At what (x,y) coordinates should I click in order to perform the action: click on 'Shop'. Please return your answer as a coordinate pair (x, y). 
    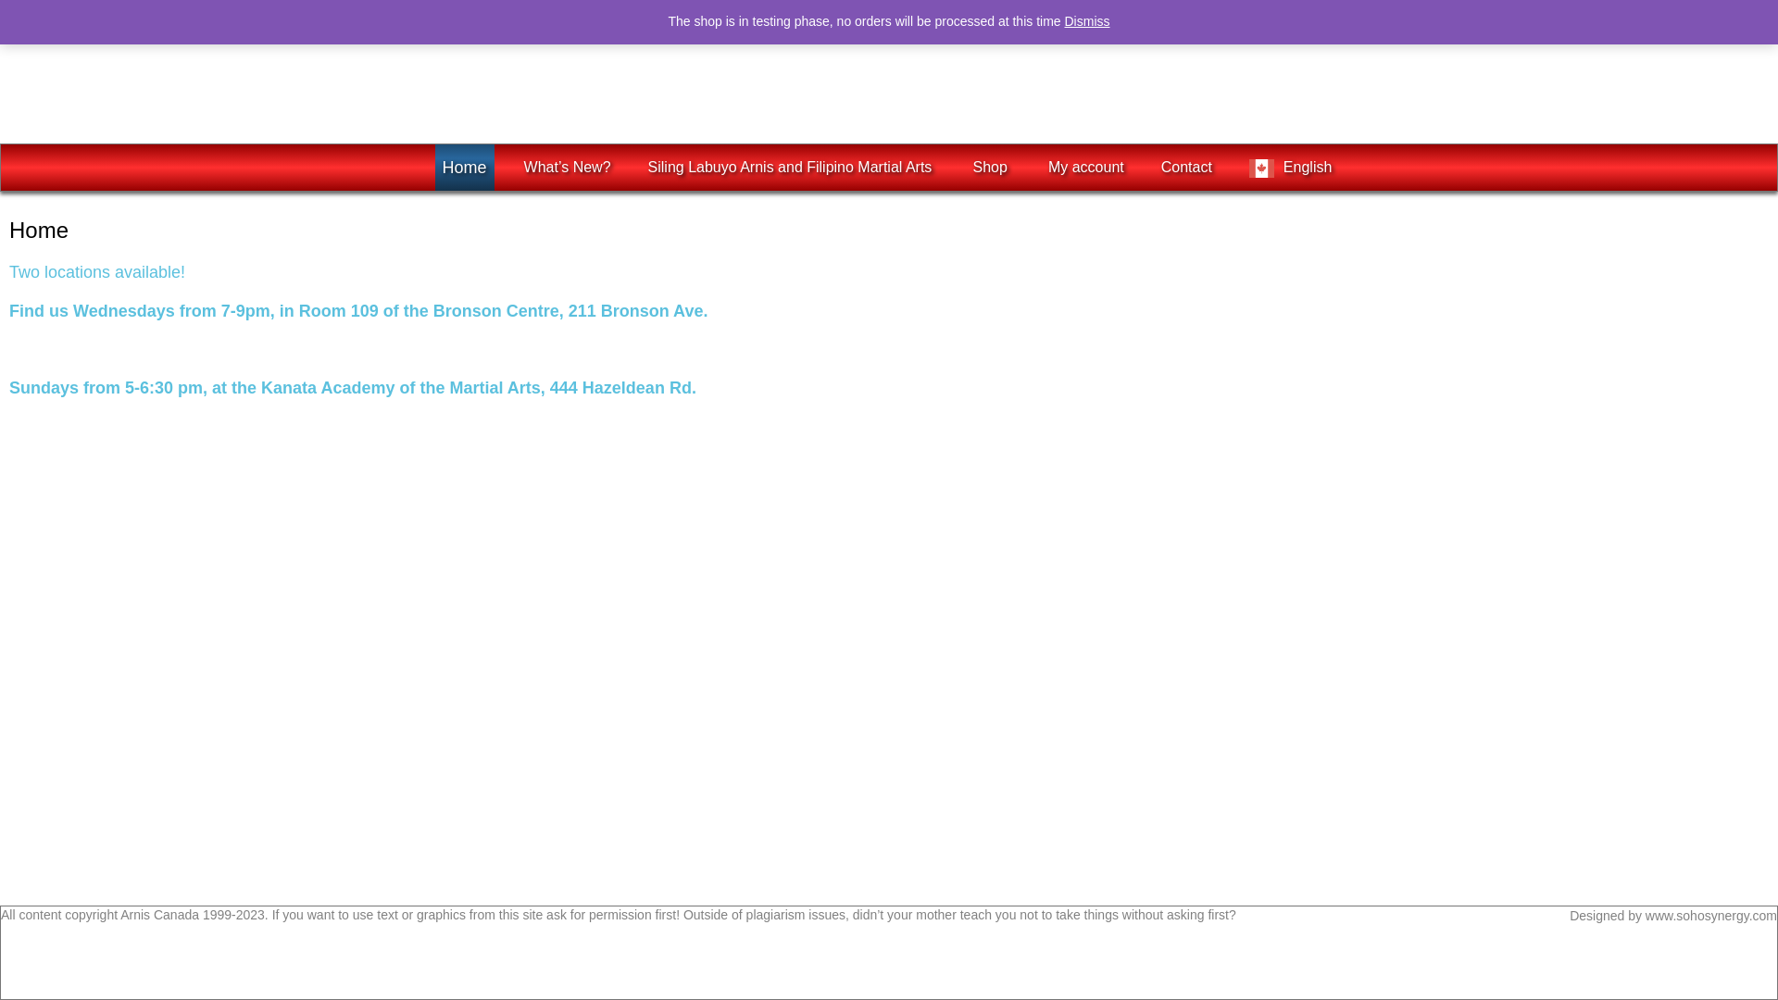
    Looking at the image, I should click on (990, 168).